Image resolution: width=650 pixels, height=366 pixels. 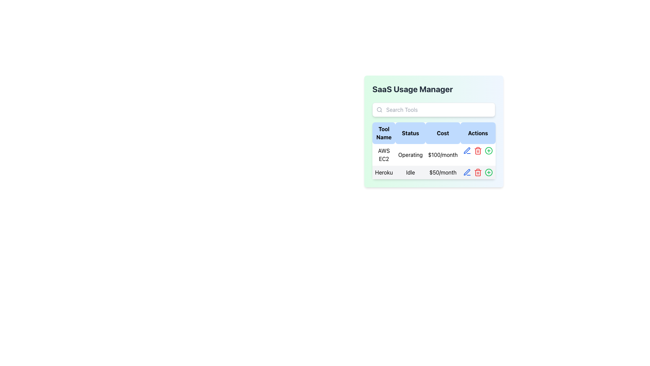 I want to click on the 'Status' column label in the table, which is the second column header located between the 'Tool Name' and 'Cost' headers, so click(x=410, y=133).